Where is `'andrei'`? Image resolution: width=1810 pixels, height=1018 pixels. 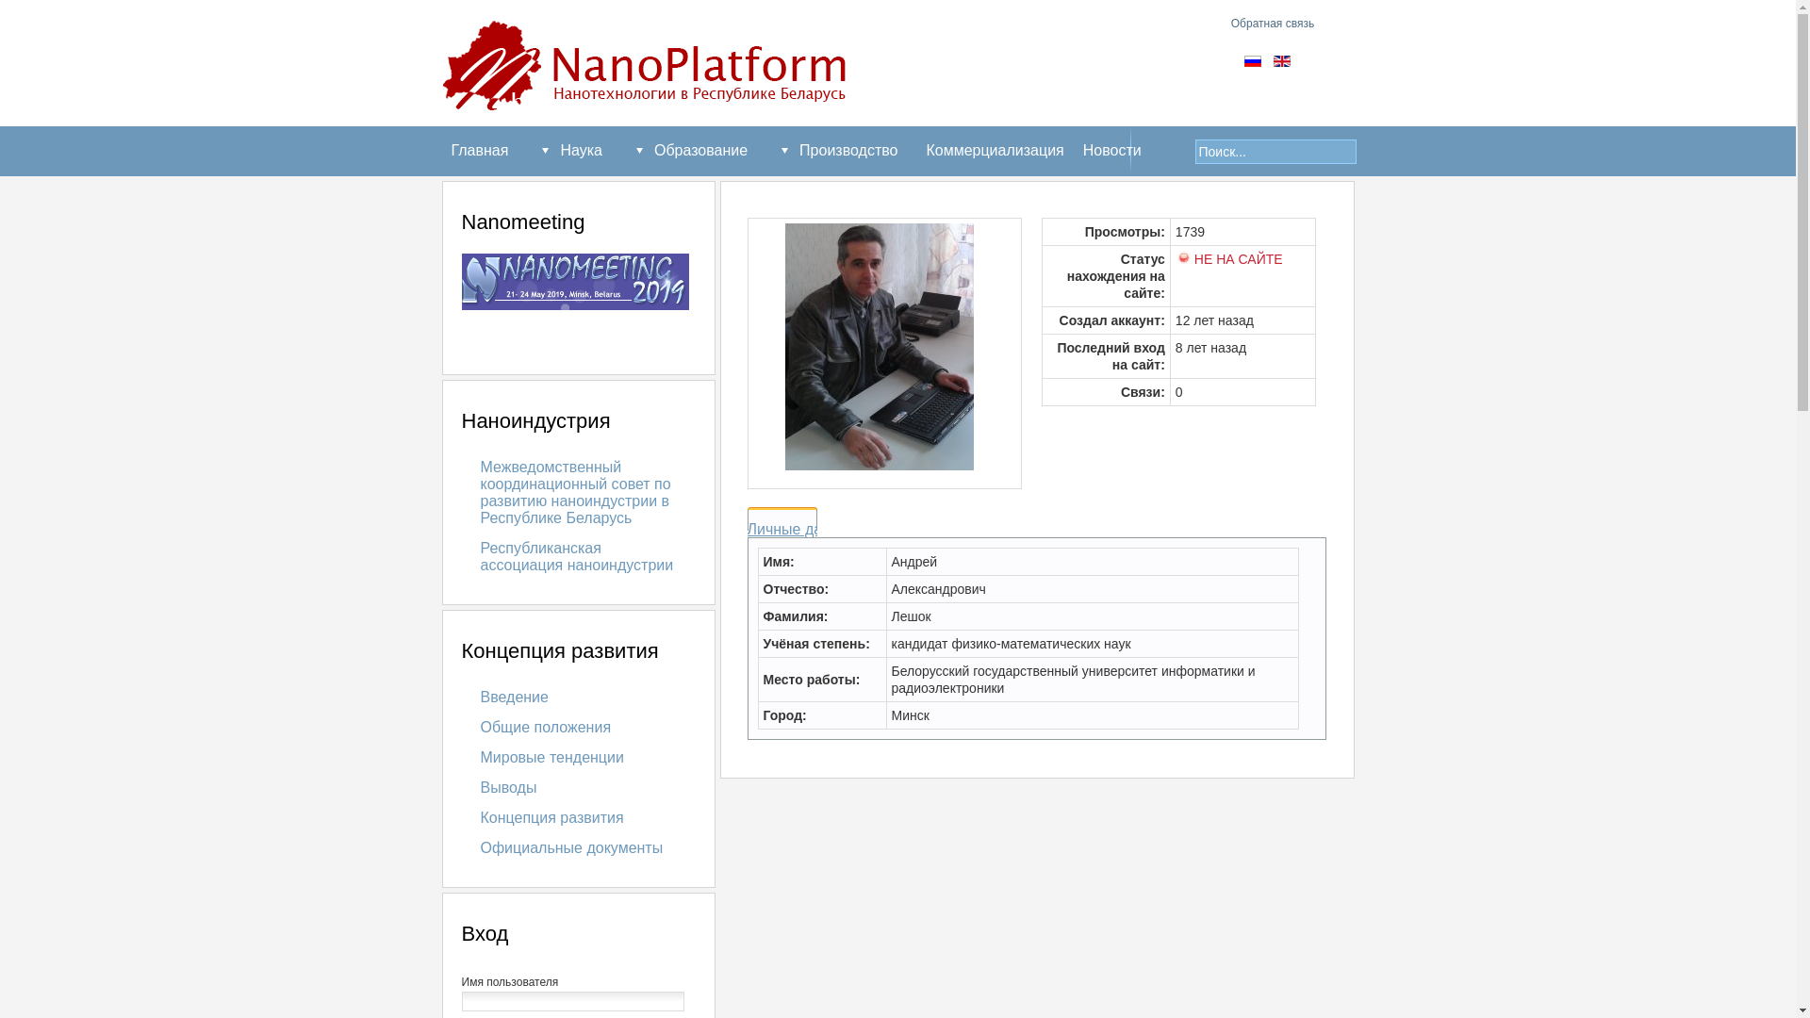 'andrei' is located at coordinates (785, 352).